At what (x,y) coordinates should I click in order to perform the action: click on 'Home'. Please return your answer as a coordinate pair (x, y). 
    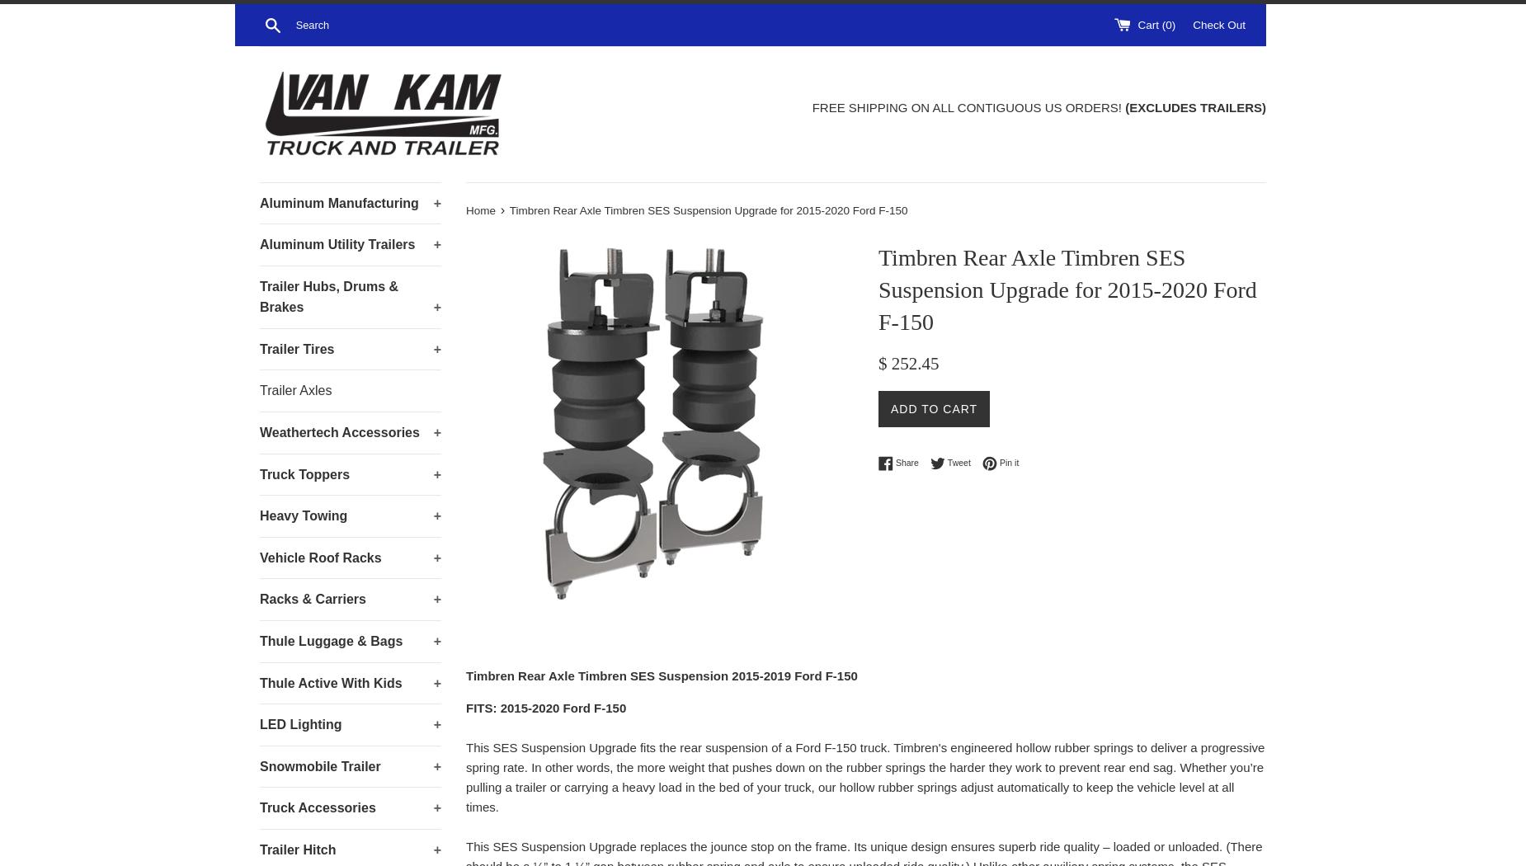
    Looking at the image, I should click on (480, 209).